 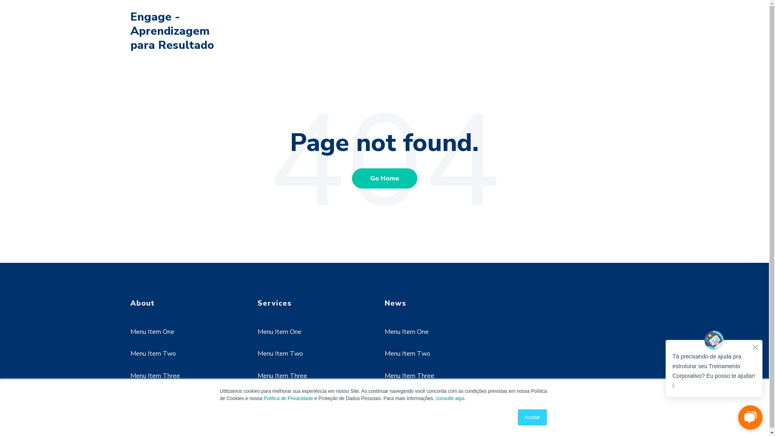 I want to click on 'Menu Item One', so click(x=152, y=331).